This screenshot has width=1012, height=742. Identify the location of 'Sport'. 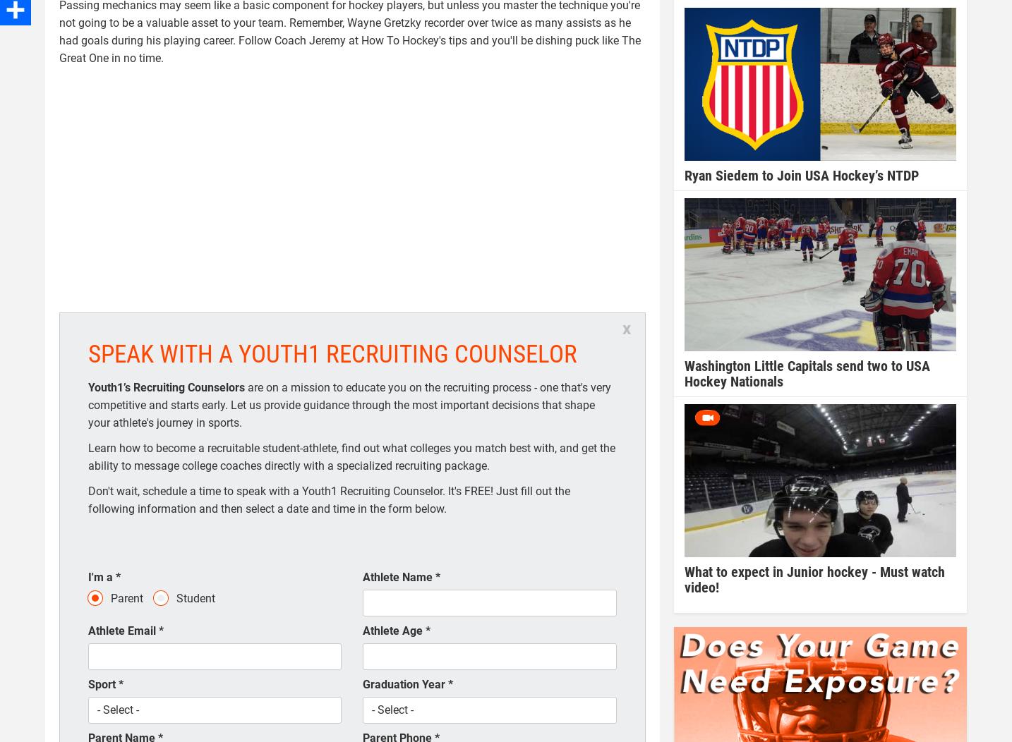
(103, 684).